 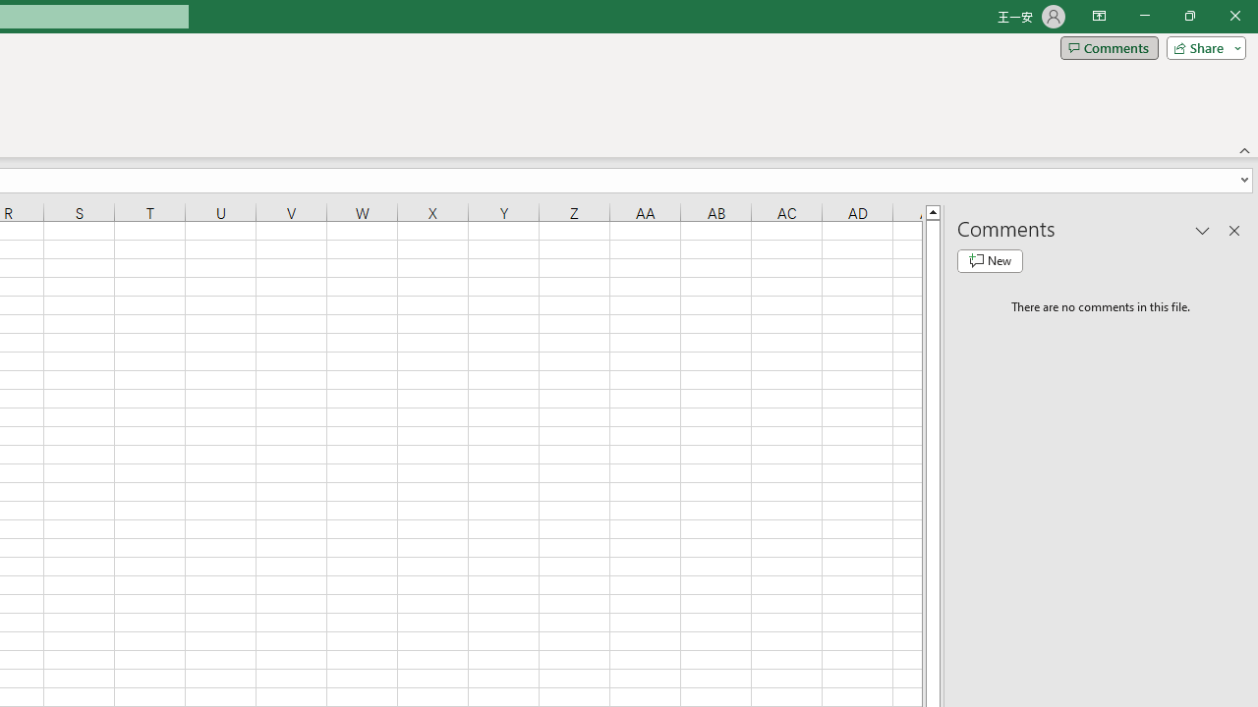 I want to click on 'Close', so click(x=1233, y=16).